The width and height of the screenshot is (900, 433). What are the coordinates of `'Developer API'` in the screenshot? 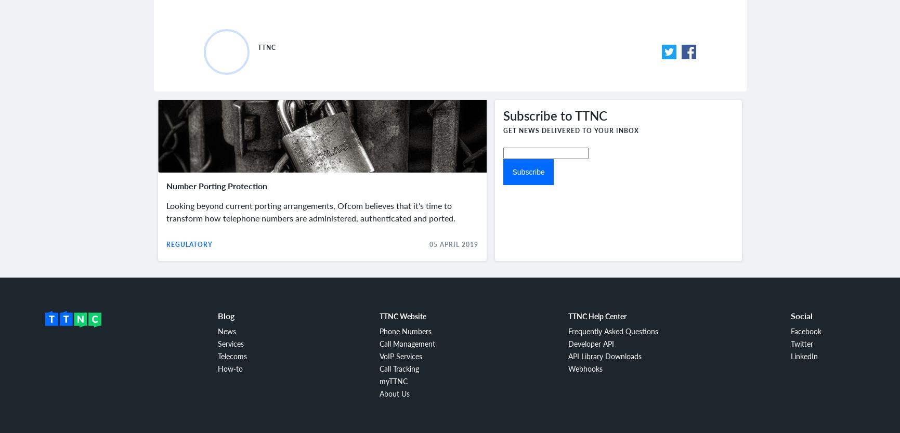 It's located at (591, 343).